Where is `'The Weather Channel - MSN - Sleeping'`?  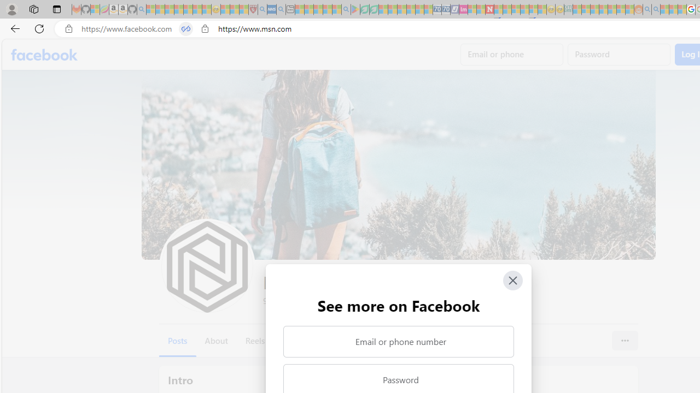 'The Weather Channel - MSN - Sleeping' is located at coordinates (168, 9).